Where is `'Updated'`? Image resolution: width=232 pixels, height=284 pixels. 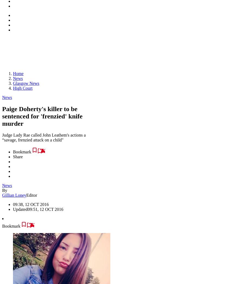
'Updated' is located at coordinates (20, 209).